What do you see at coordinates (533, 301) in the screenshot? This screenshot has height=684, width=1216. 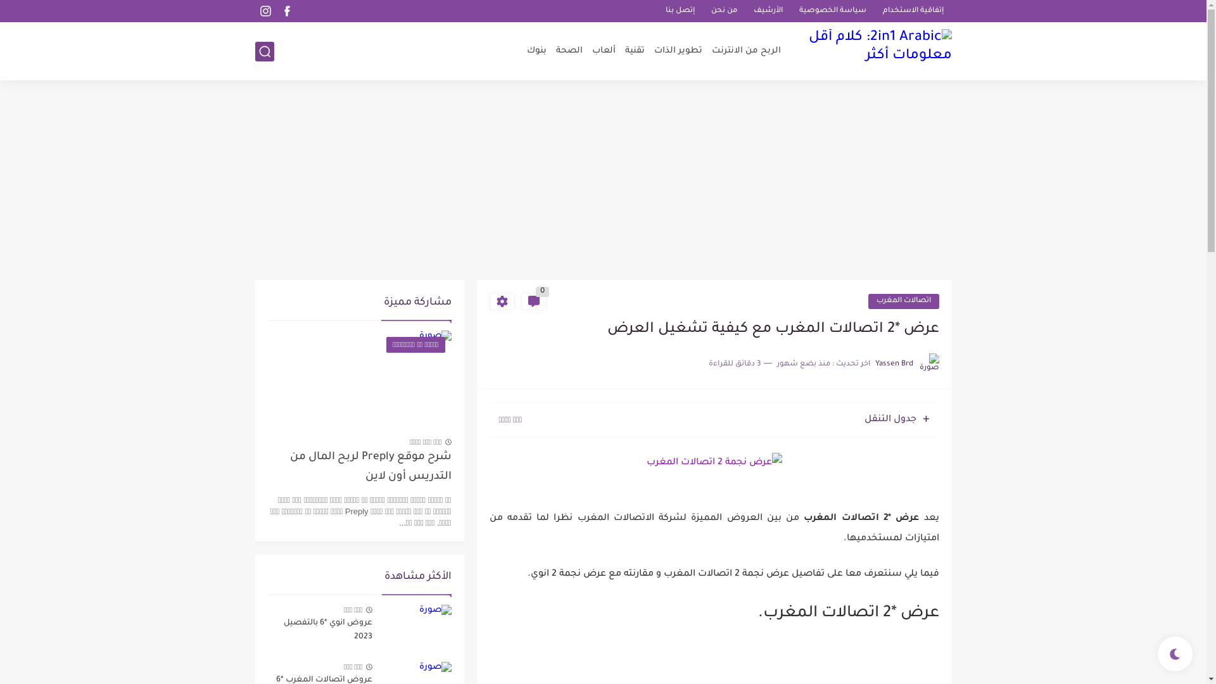 I see `'0'` at bounding box center [533, 301].